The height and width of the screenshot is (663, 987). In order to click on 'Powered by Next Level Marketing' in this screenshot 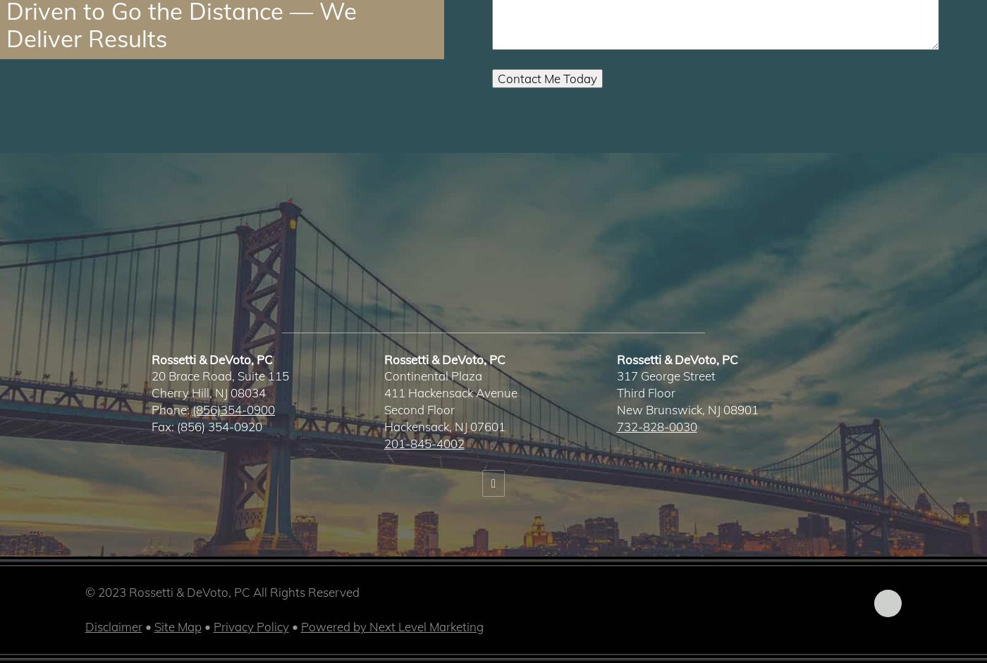, I will do `click(300, 626)`.